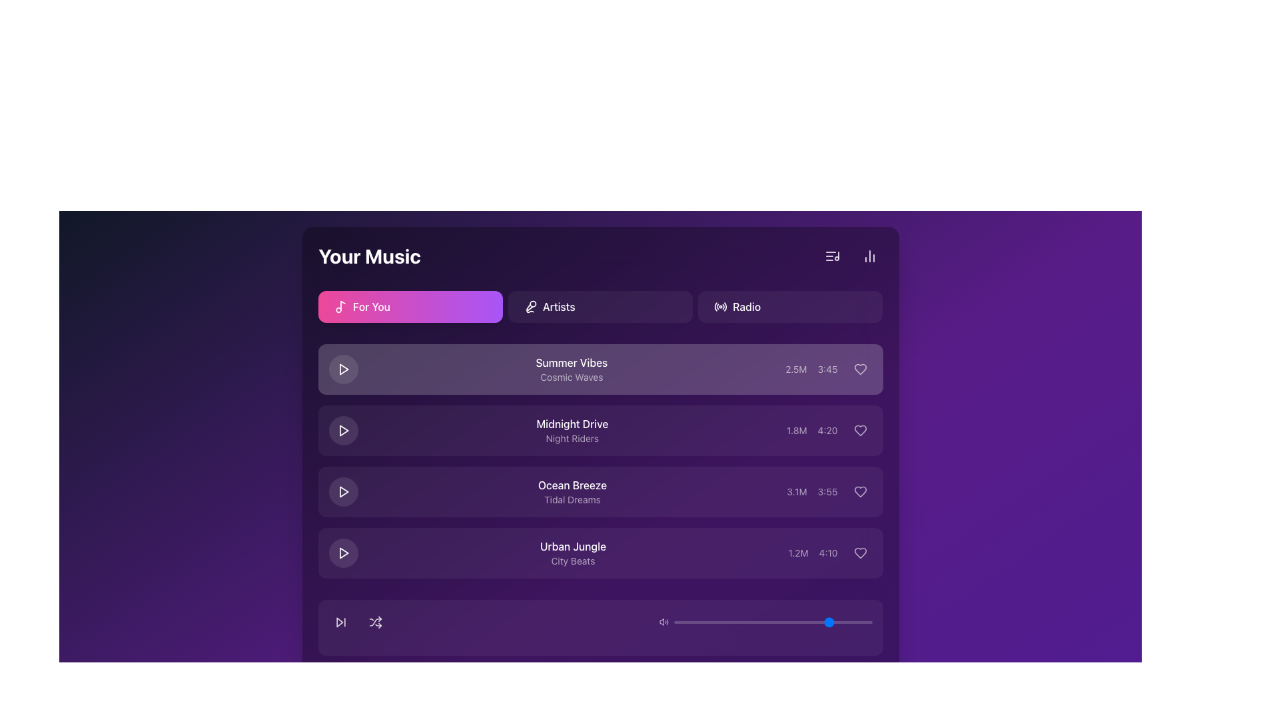 This screenshot has width=1279, height=719. Describe the element at coordinates (573, 553) in the screenshot. I see `text from the Text Label displaying 'Urban Jungle' and 'City Beats' which is the fourth item in the vertical list of music entries` at that location.